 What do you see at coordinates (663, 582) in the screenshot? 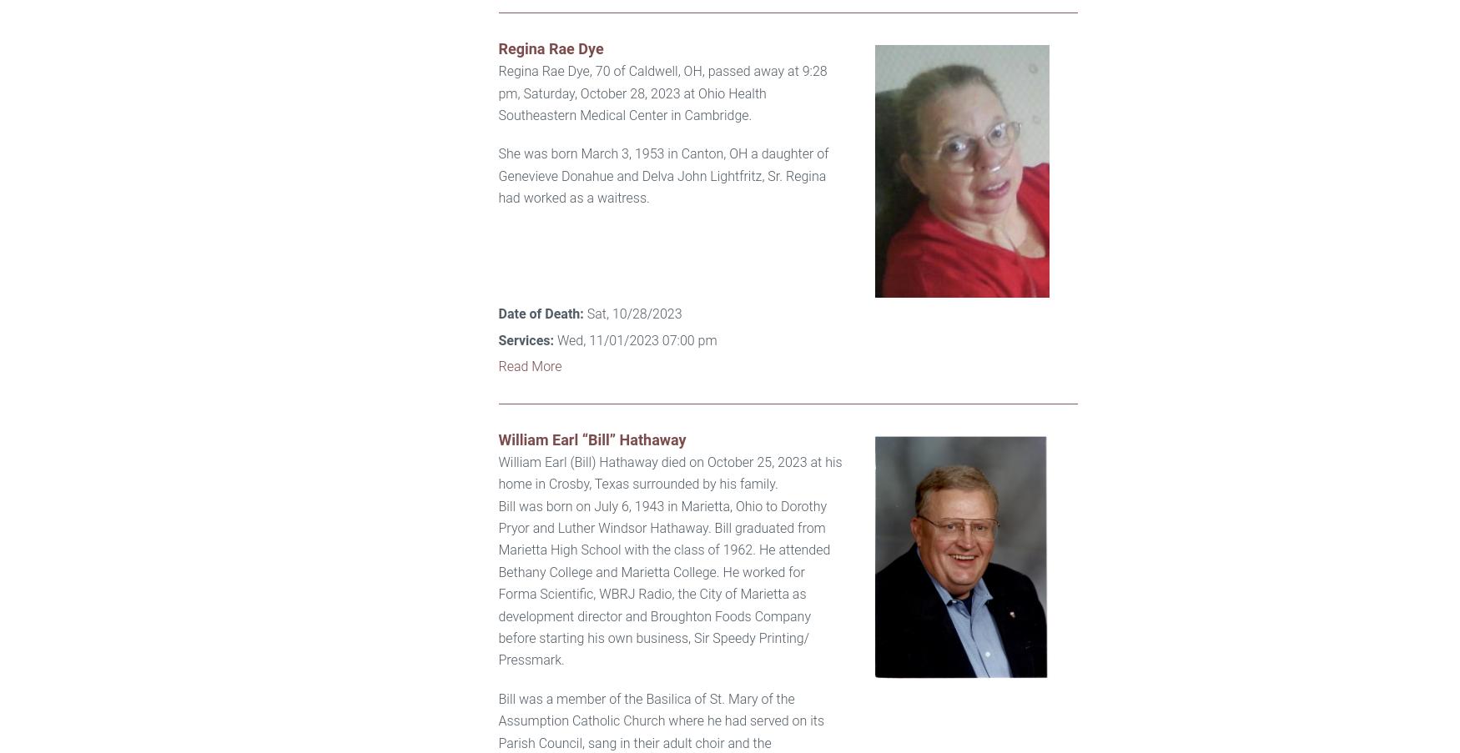
I see `'Bill was born on July 6, 1943 in Marietta, Ohio to Dorothy Pryor and Luther Windsor Hathaway. Bill graduated from Marietta High School with the class of 1962. He attended Bethany College and Marietta College. He worked for Forma Scientific, WBRJ Radio, the City of Marietta as development director and Broughton Foods Company before starting his own business, Sir Speedy Printing/ Pressmark.'` at bounding box center [663, 582].